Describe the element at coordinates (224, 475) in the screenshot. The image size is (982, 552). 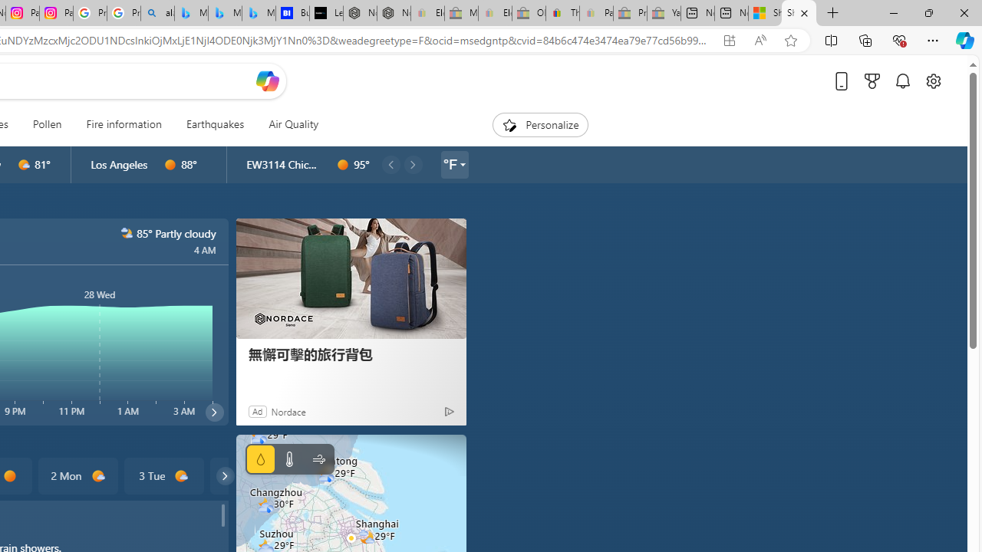
I see `'common/carouselChevron'` at that location.